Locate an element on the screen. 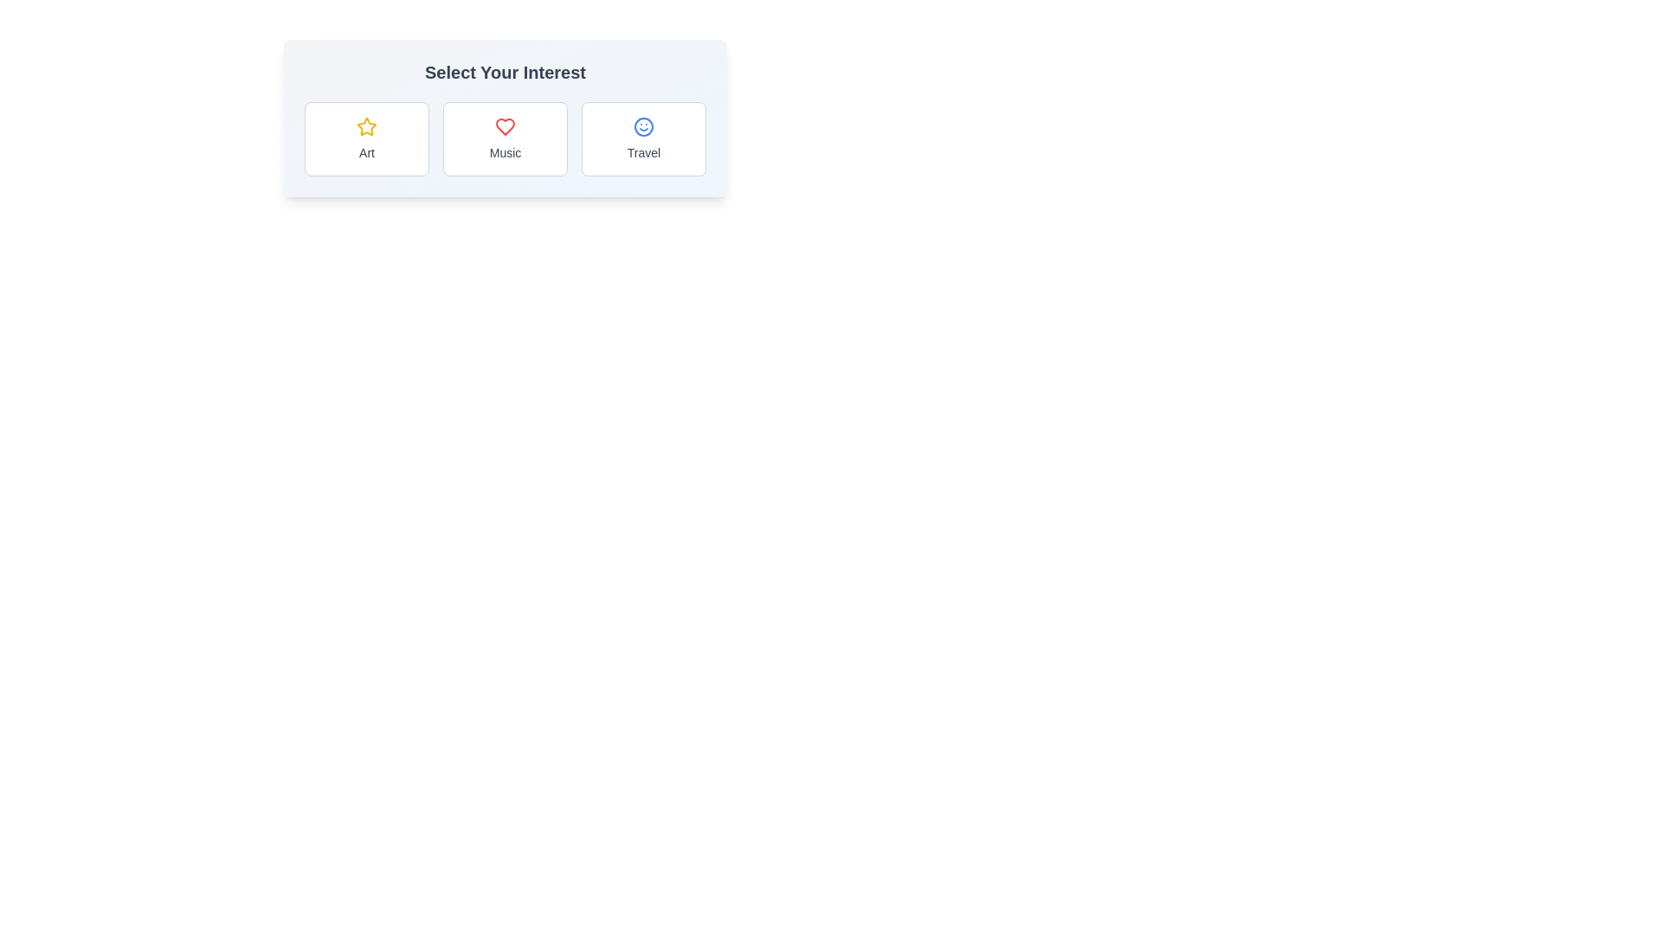  the state of the SVG Icon representing the 'Art' category, located above the text label 'Art' in the first column of the horizontal selection is located at coordinates (365, 125).